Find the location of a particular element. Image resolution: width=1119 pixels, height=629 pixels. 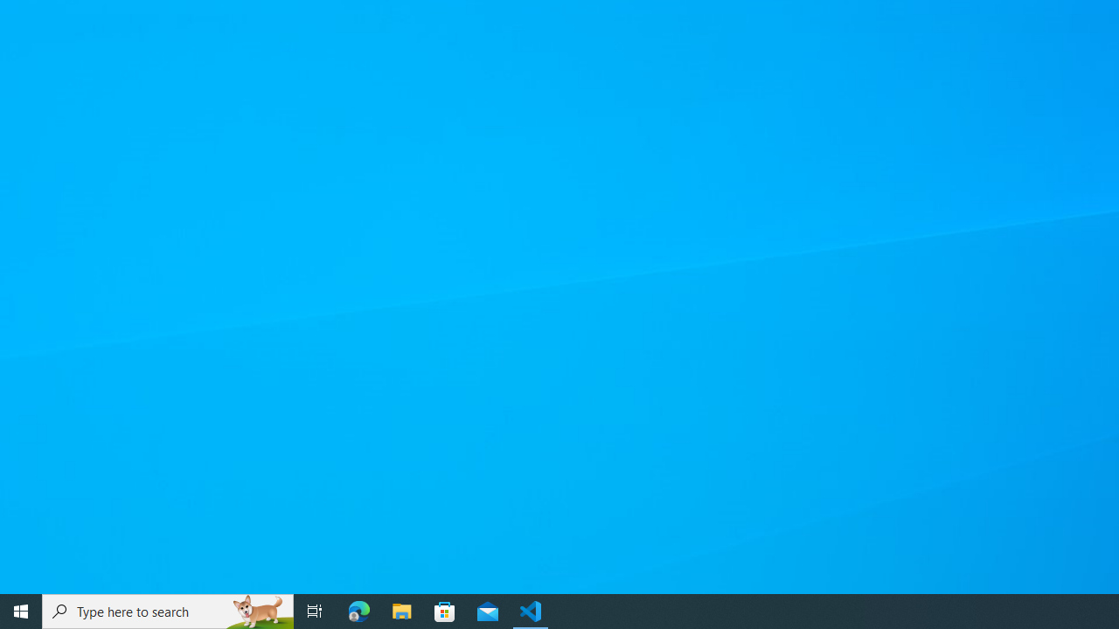

'Microsoft Store' is located at coordinates (445, 610).